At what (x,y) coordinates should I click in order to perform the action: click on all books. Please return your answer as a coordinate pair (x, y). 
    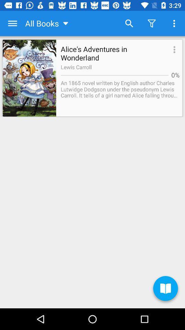
    Looking at the image, I should click on (47, 23).